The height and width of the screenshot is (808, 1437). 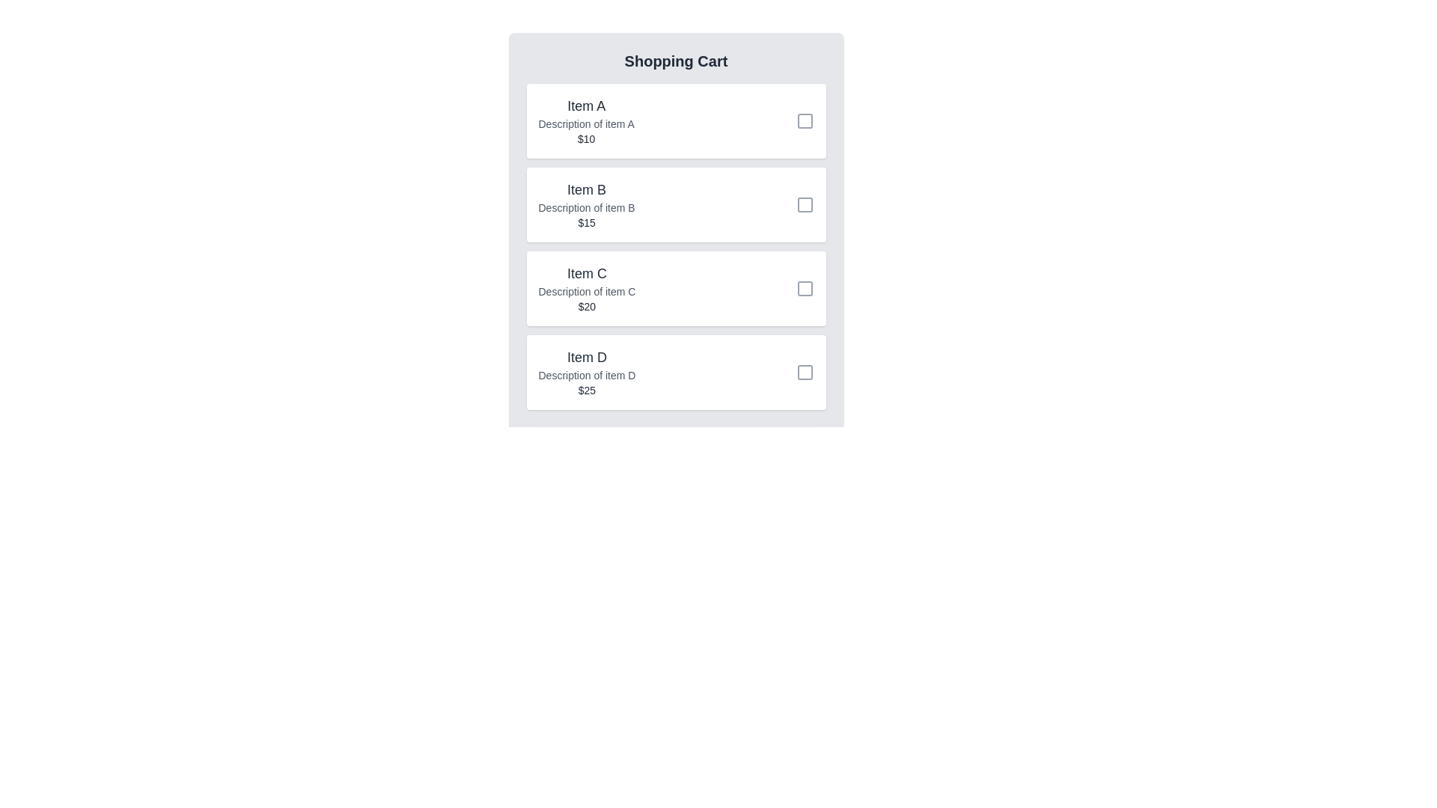 What do you see at coordinates (804, 371) in the screenshot?
I see `the interactive checkbox` at bounding box center [804, 371].